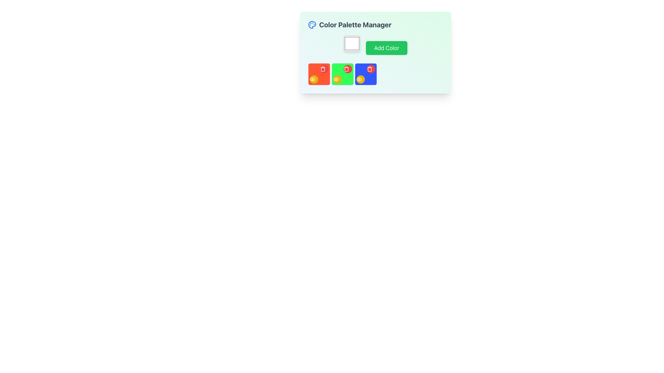 This screenshot has height=373, width=664. What do you see at coordinates (348, 69) in the screenshot?
I see `the circular red button with a white trash can icon located in the top-right corner of the green background panel` at bounding box center [348, 69].